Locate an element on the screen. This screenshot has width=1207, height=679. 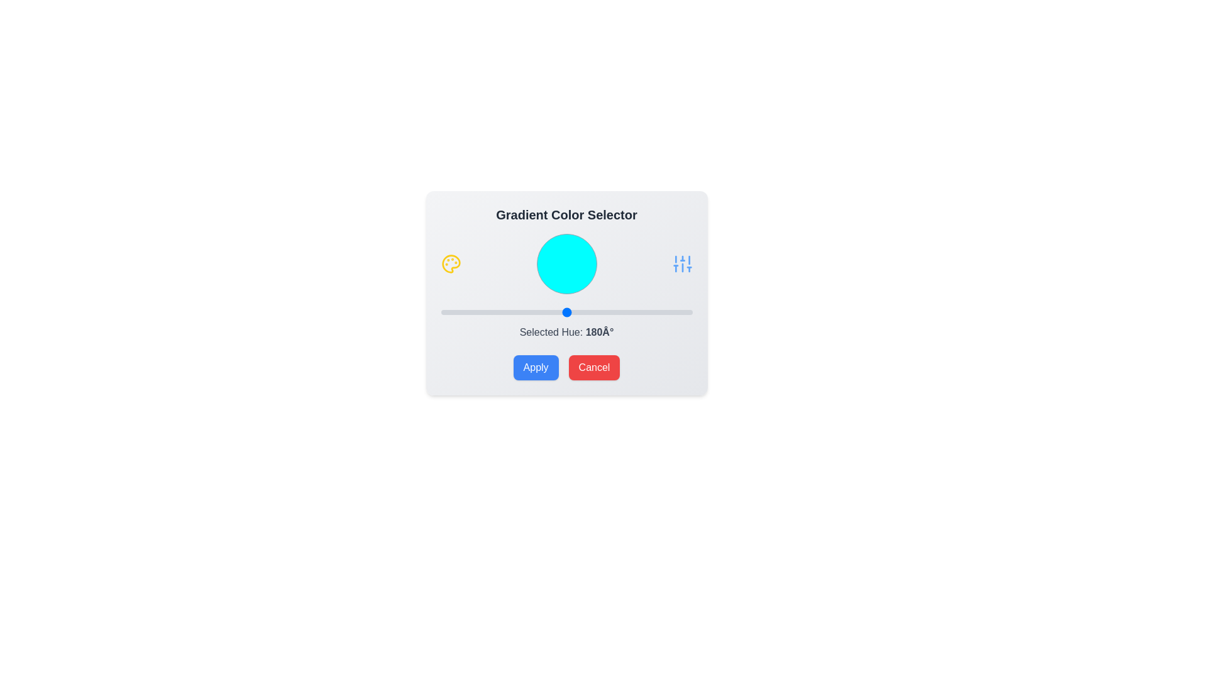
the slider to set the hue value to 261° is located at coordinates (623, 312).